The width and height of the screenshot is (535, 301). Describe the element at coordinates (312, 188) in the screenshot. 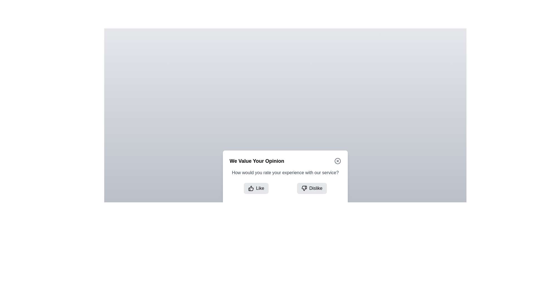

I see `the 'Dislike' button to select it` at that location.